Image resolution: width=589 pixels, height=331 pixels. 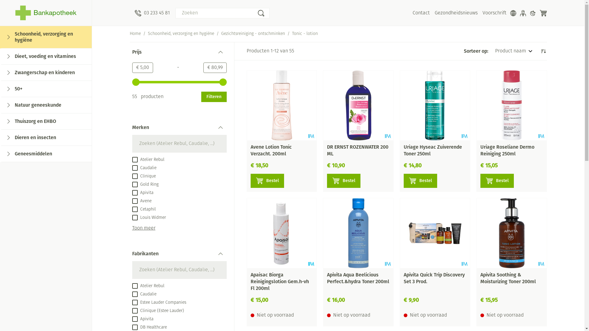 What do you see at coordinates (46, 137) in the screenshot?
I see `'Dieren en insecten'` at bounding box center [46, 137].